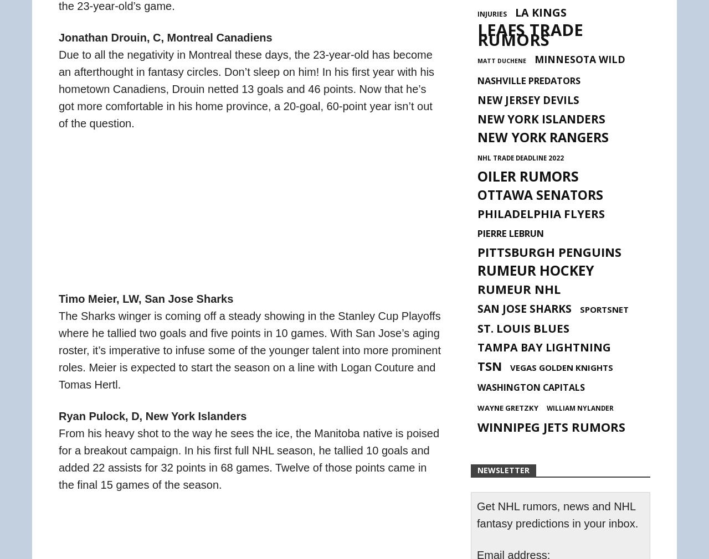  Describe the element at coordinates (152, 415) in the screenshot. I see `'Ryan Pulock, D, New York Islanders'` at that location.